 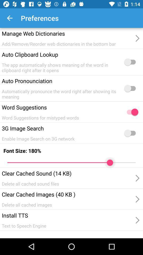 I want to click on auto clipboard lookup, so click(x=131, y=62).